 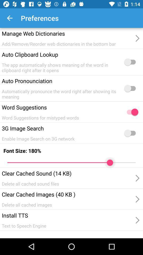 I want to click on auto clipboard lookup, so click(x=131, y=62).